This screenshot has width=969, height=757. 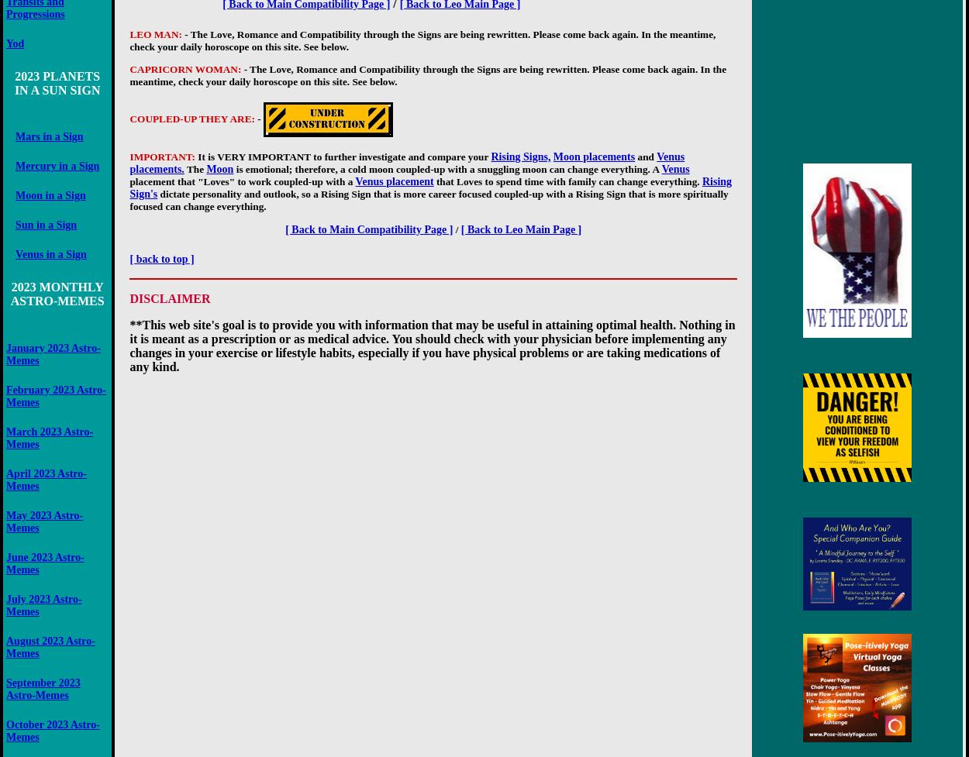 I want to click on 'Yod', so click(x=15, y=43).